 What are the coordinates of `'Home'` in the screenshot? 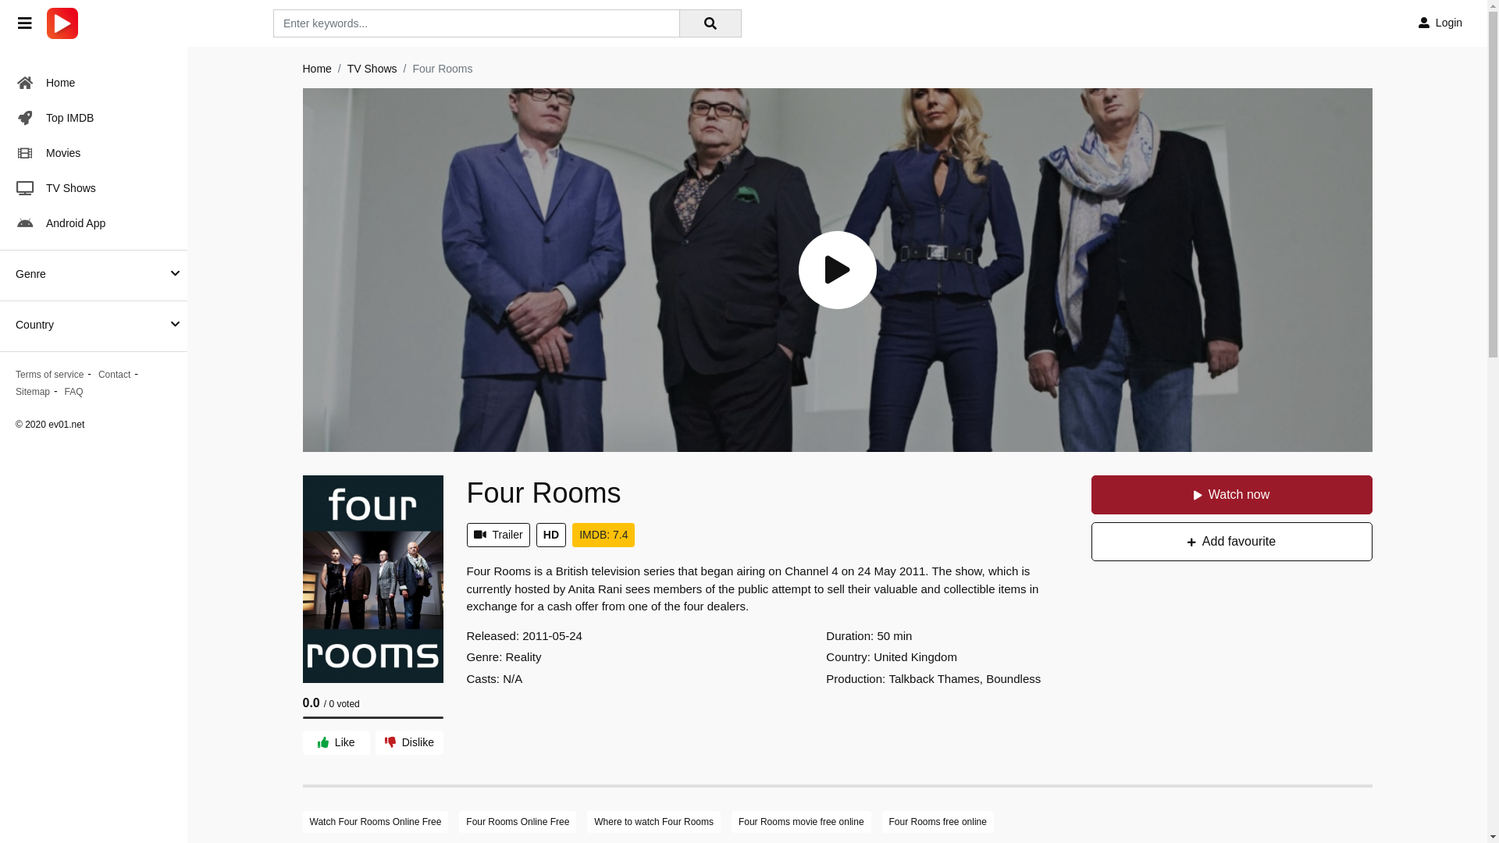 It's located at (93, 82).